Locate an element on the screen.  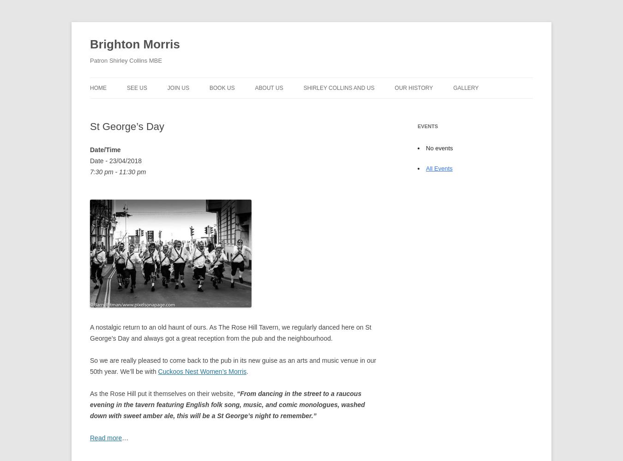
'Brighton Morris' is located at coordinates (134, 44).